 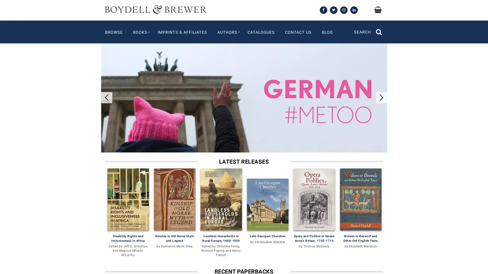 What do you see at coordinates (368, 28) in the screenshot?
I see `SEARCH` at bounding box center [368, 28].